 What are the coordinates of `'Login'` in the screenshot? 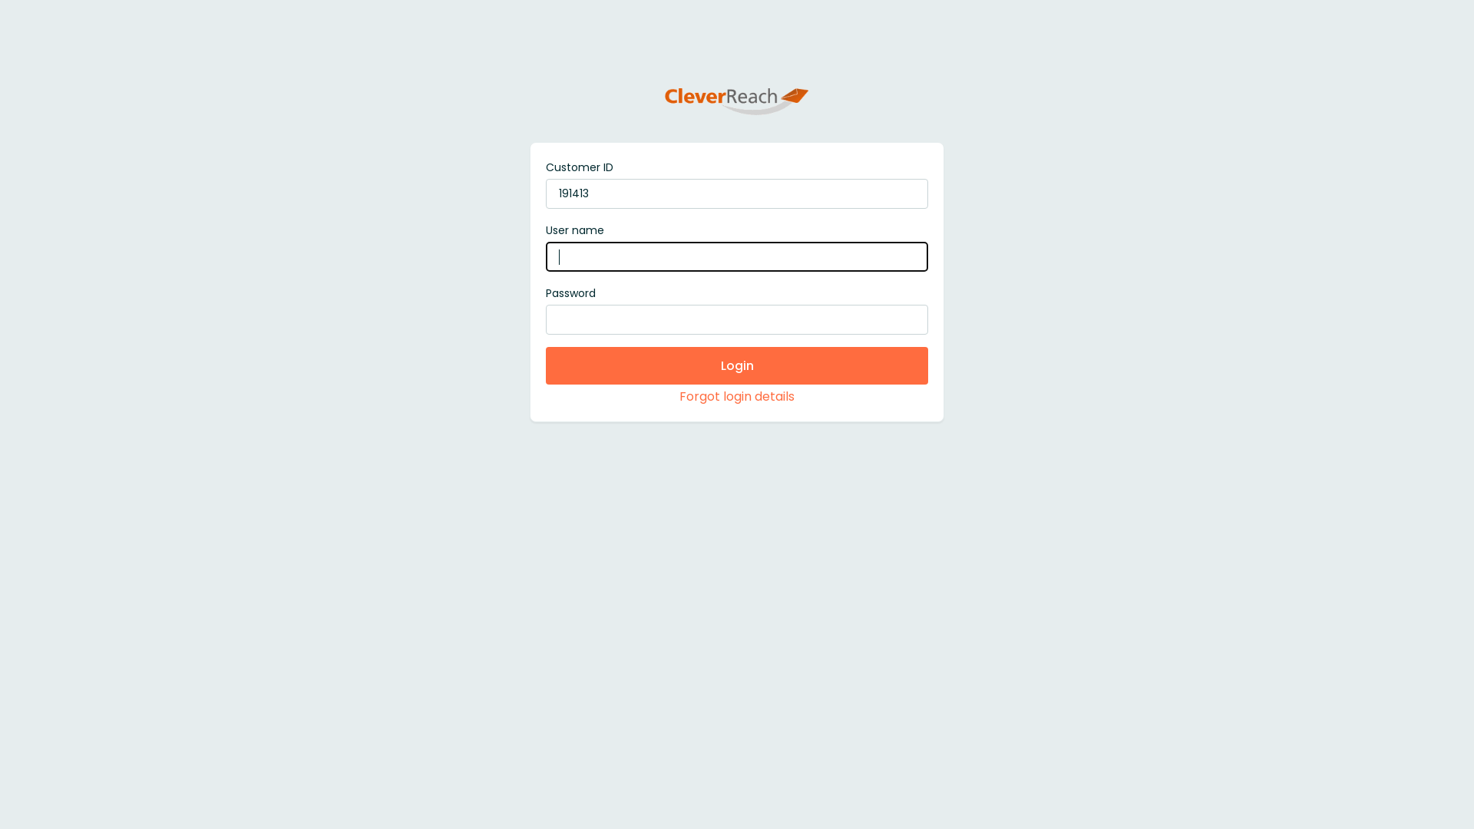 It's located at (737, 365).